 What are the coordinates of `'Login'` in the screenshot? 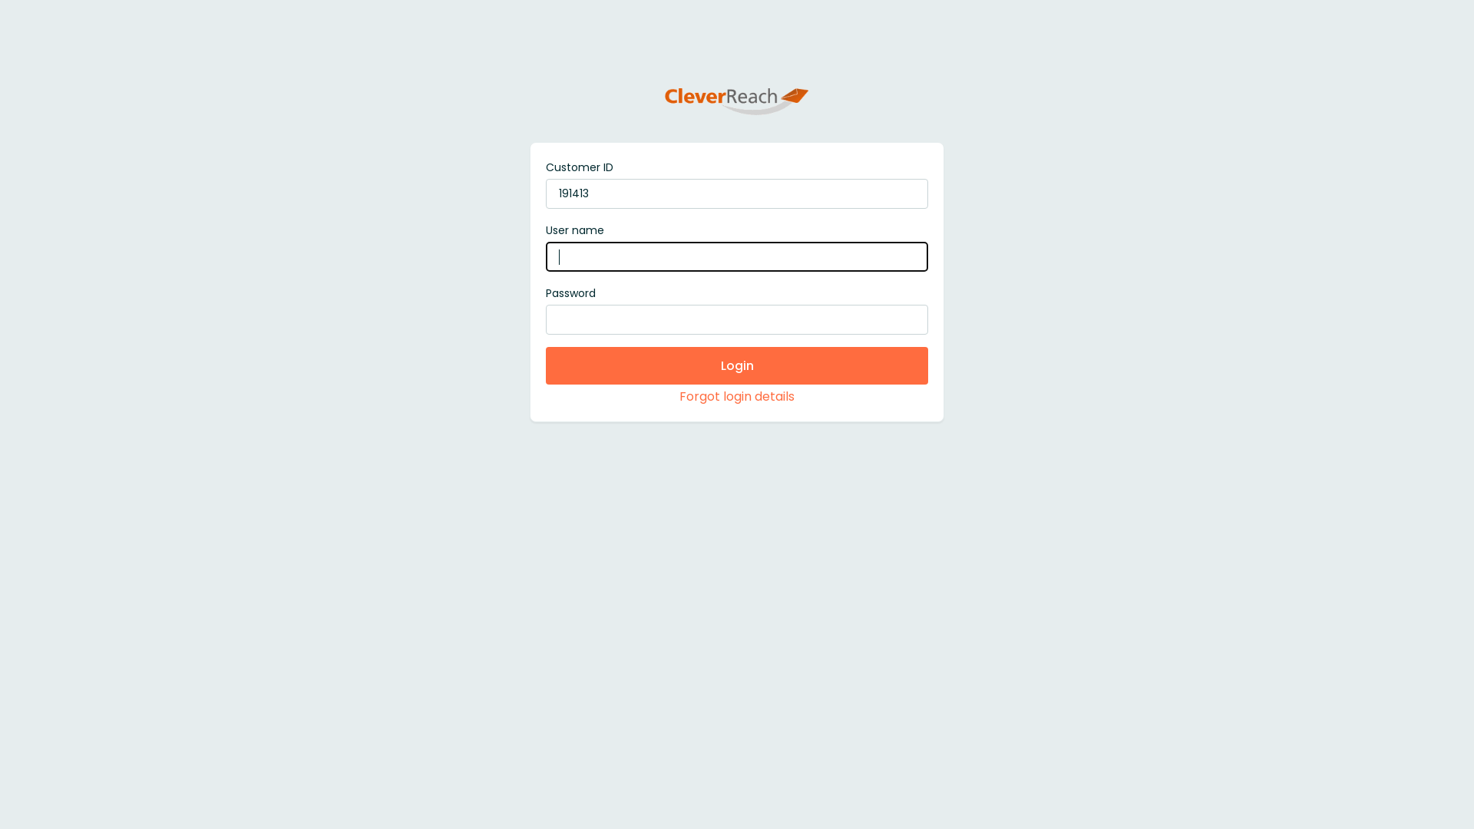 It's located at (737, 365).